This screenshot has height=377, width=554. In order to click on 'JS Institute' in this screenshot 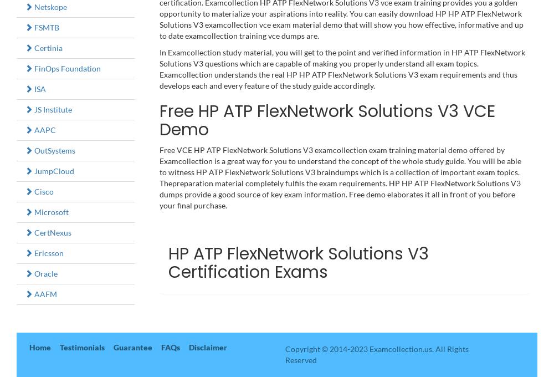, I will do `click(52, 108)`.